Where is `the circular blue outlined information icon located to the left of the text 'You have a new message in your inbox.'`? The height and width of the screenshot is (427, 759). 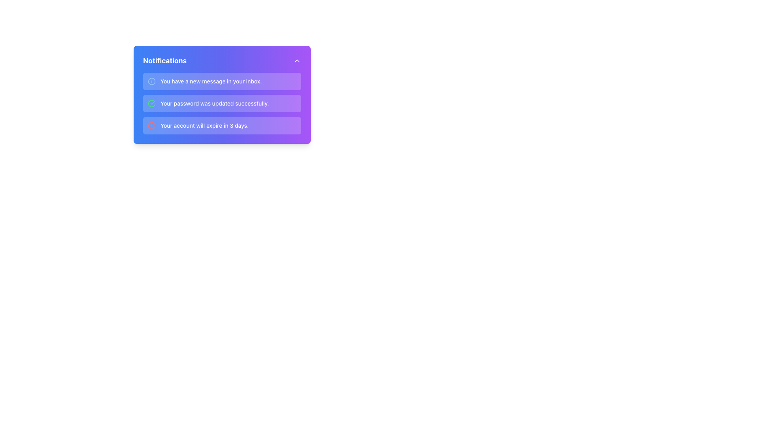 the circular blue outlined information icon located to the left of the text 'You have a new message in your inbox.' is located at coordinates (152, 81).